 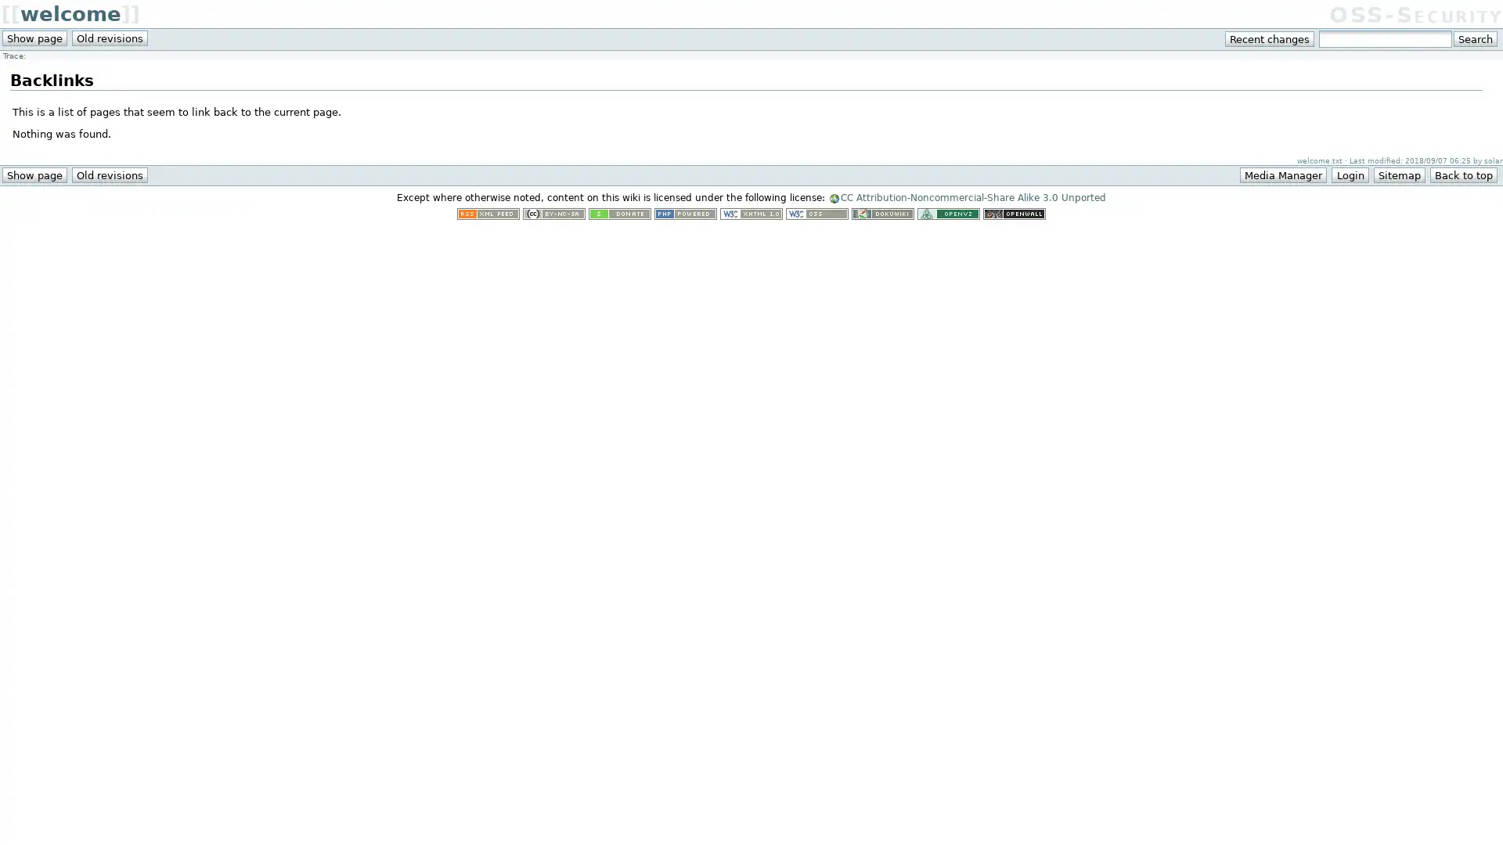 What do you see at coordinates (1283, 174) in the screenshot?
I see `Media Manager` at bounding box center [1283, 174].